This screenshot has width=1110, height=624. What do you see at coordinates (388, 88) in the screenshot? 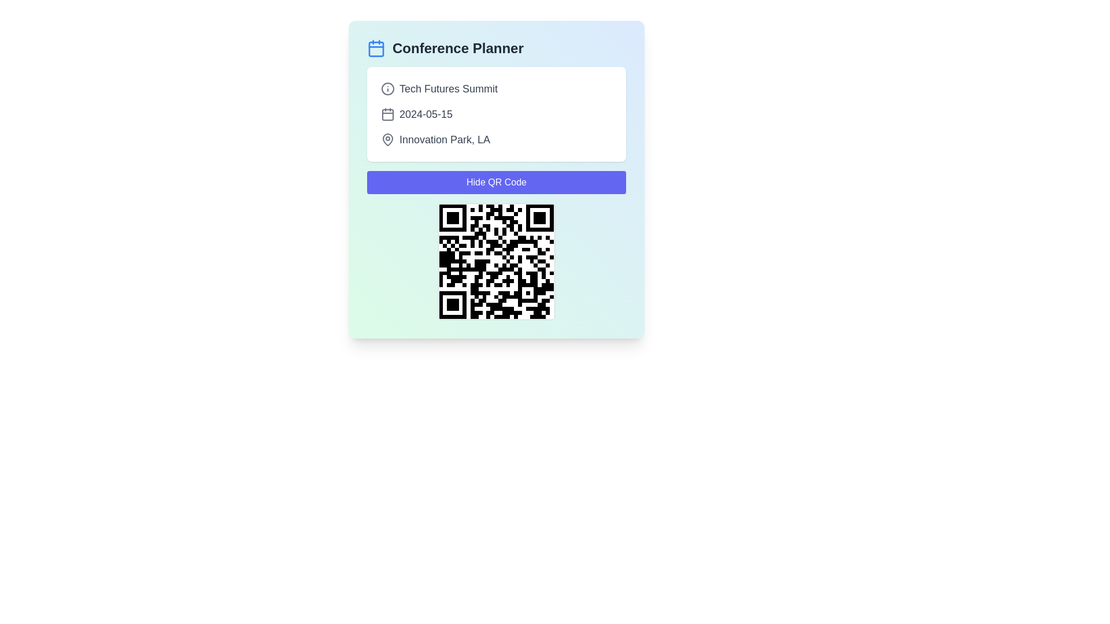
I see `the circular gray 'info' icon located to the left of the text 'Tech Futures Summit'` at bounding box center [388, 88].